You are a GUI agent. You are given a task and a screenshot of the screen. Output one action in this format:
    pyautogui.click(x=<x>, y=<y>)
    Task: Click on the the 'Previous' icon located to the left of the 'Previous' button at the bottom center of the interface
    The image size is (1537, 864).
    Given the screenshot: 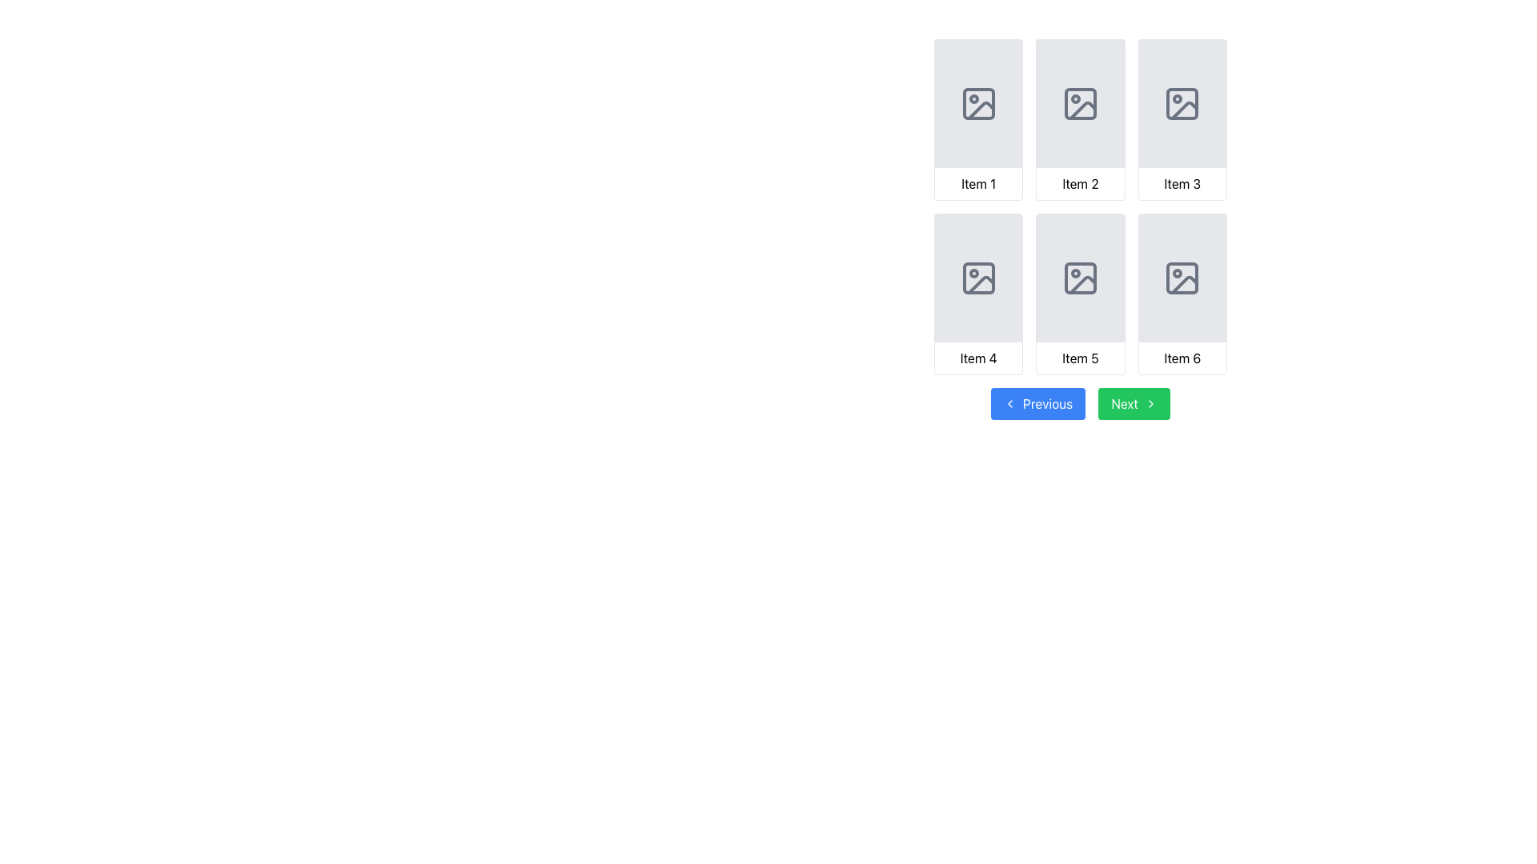 What is the action you would take?
    pyautogui.click(x=1009, y=403)
    